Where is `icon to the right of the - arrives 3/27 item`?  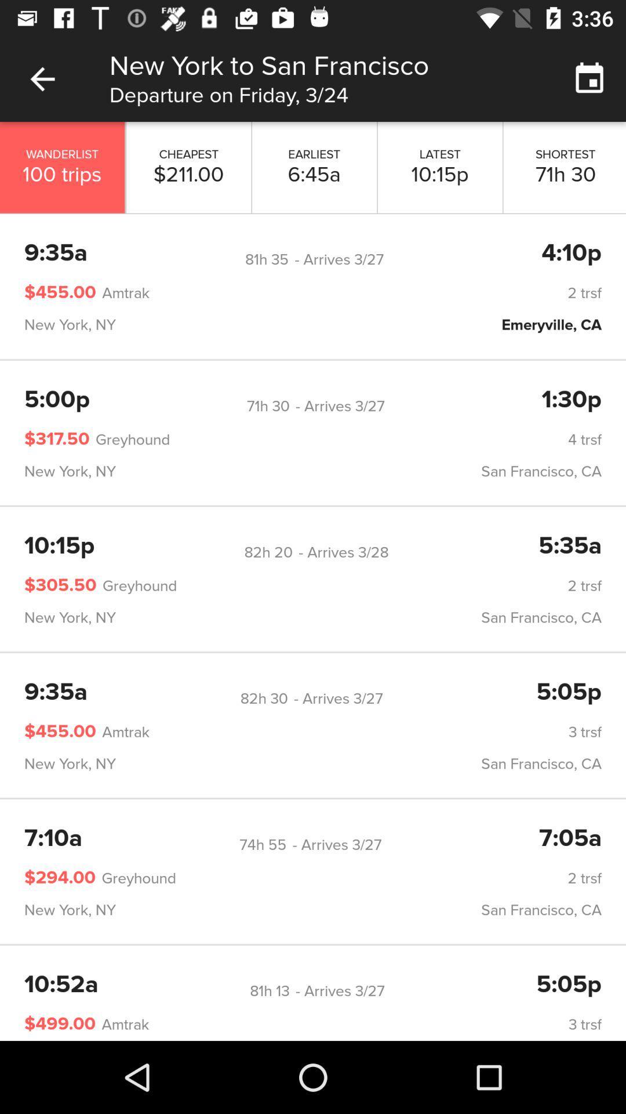 icon to the right of the - arrives 3/27 item is located at coordinates (571, 400).